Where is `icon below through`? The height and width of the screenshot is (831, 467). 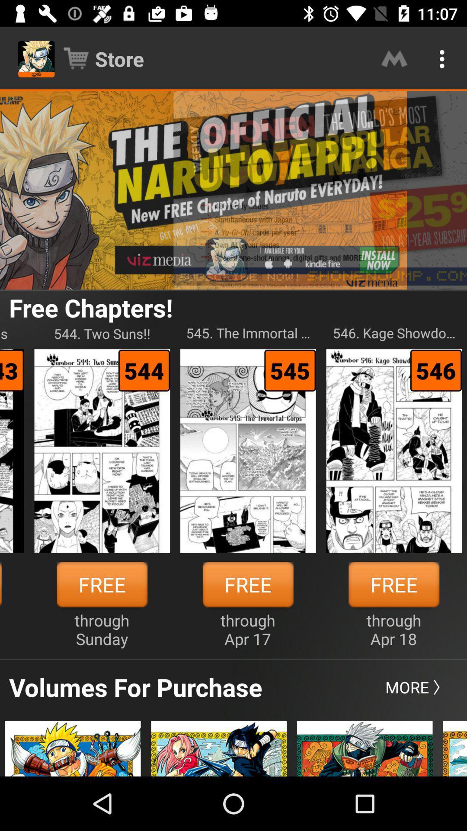
icon below through is located at coordinates (135, 686).